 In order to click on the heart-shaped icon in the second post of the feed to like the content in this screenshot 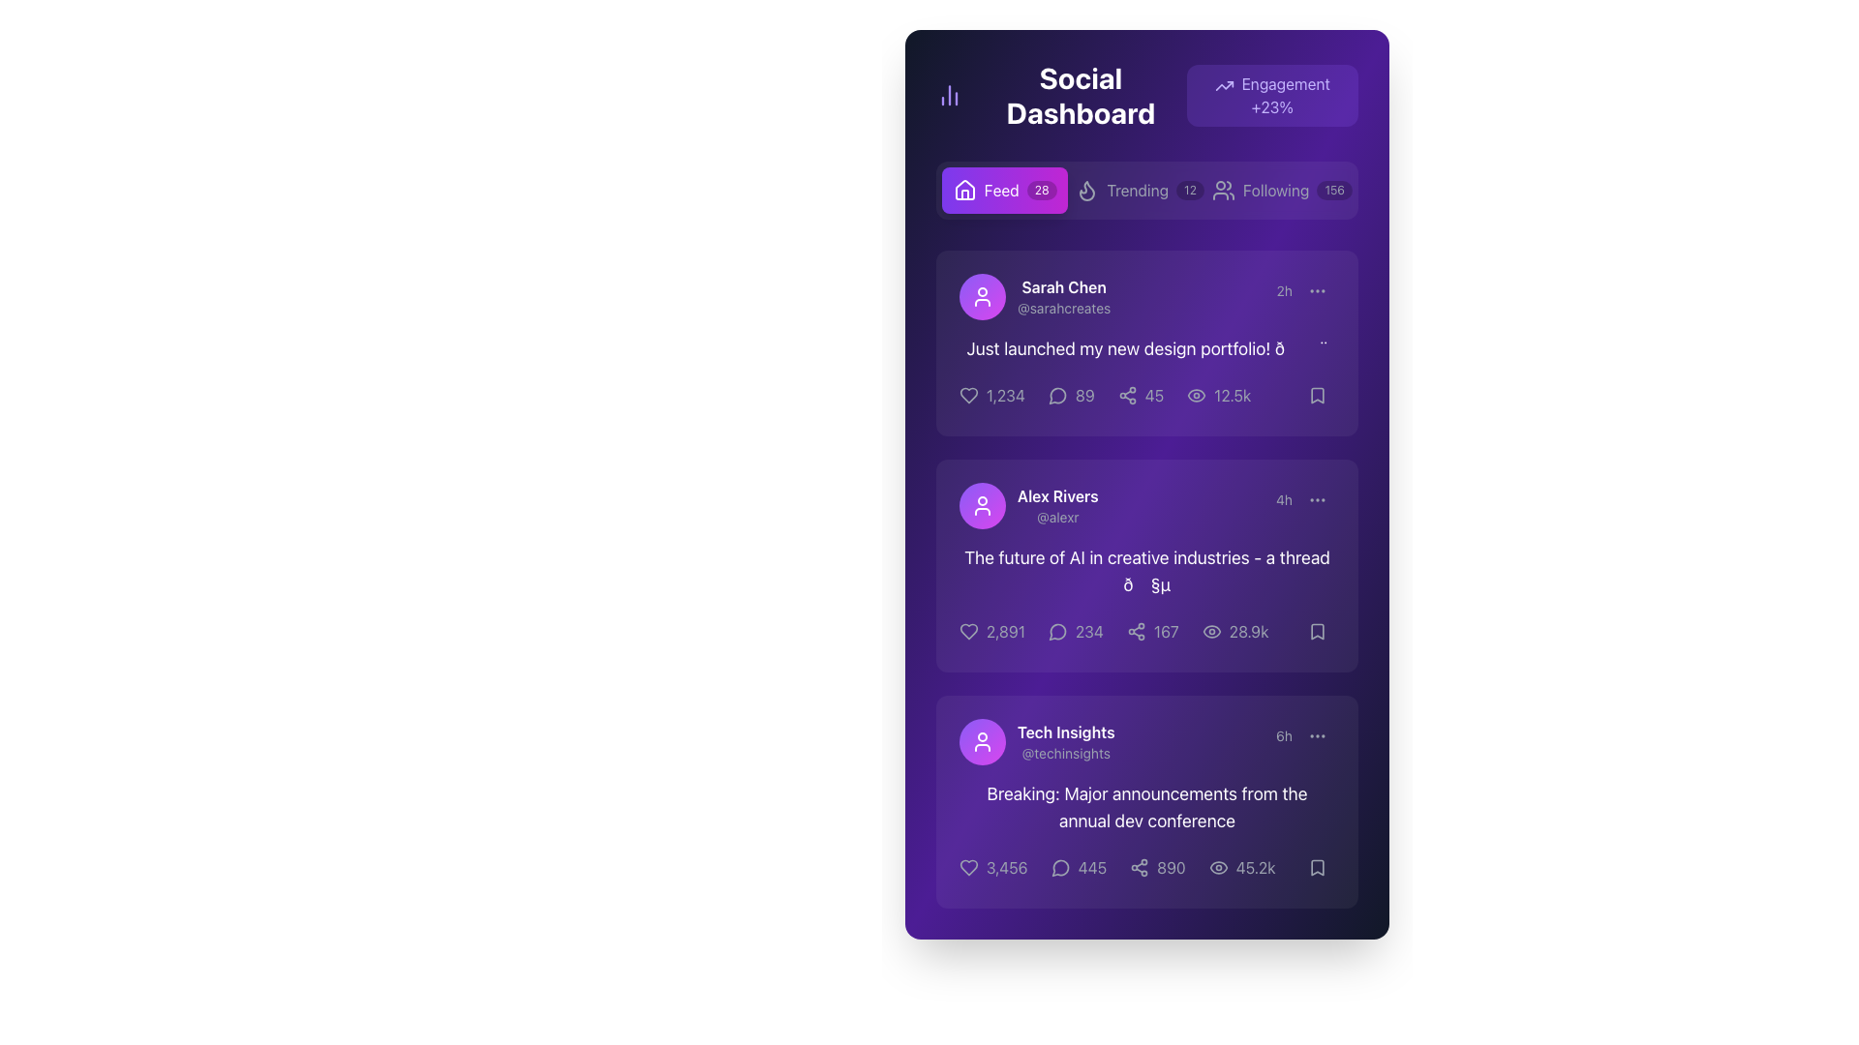, I will do `click(969, 631)`.